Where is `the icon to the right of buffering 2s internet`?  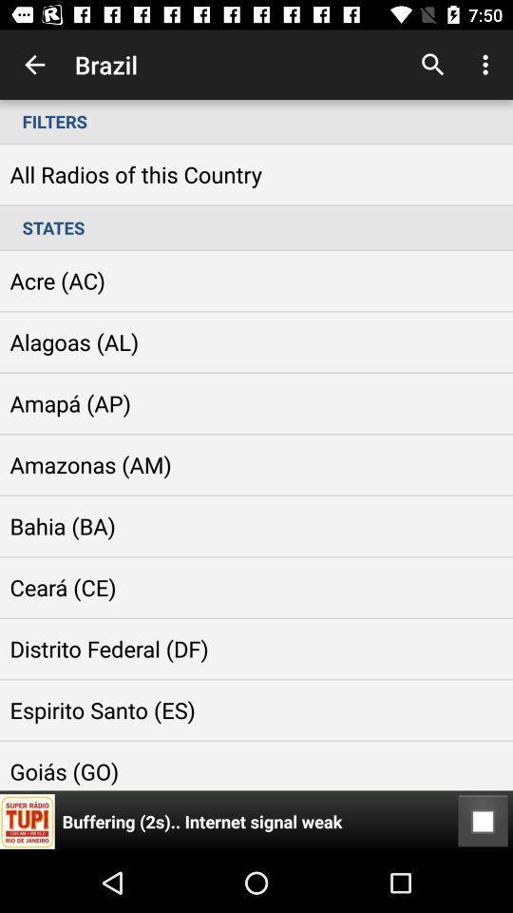
the icon to the right of buffering 2s internet is located at coordinates (483, 821).